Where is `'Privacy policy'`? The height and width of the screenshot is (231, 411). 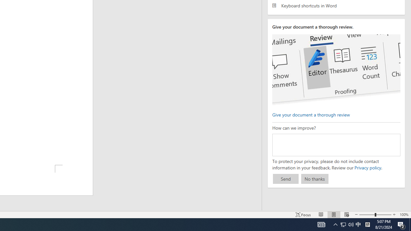 'Privacy policy' is located at coordinates (367, 167).